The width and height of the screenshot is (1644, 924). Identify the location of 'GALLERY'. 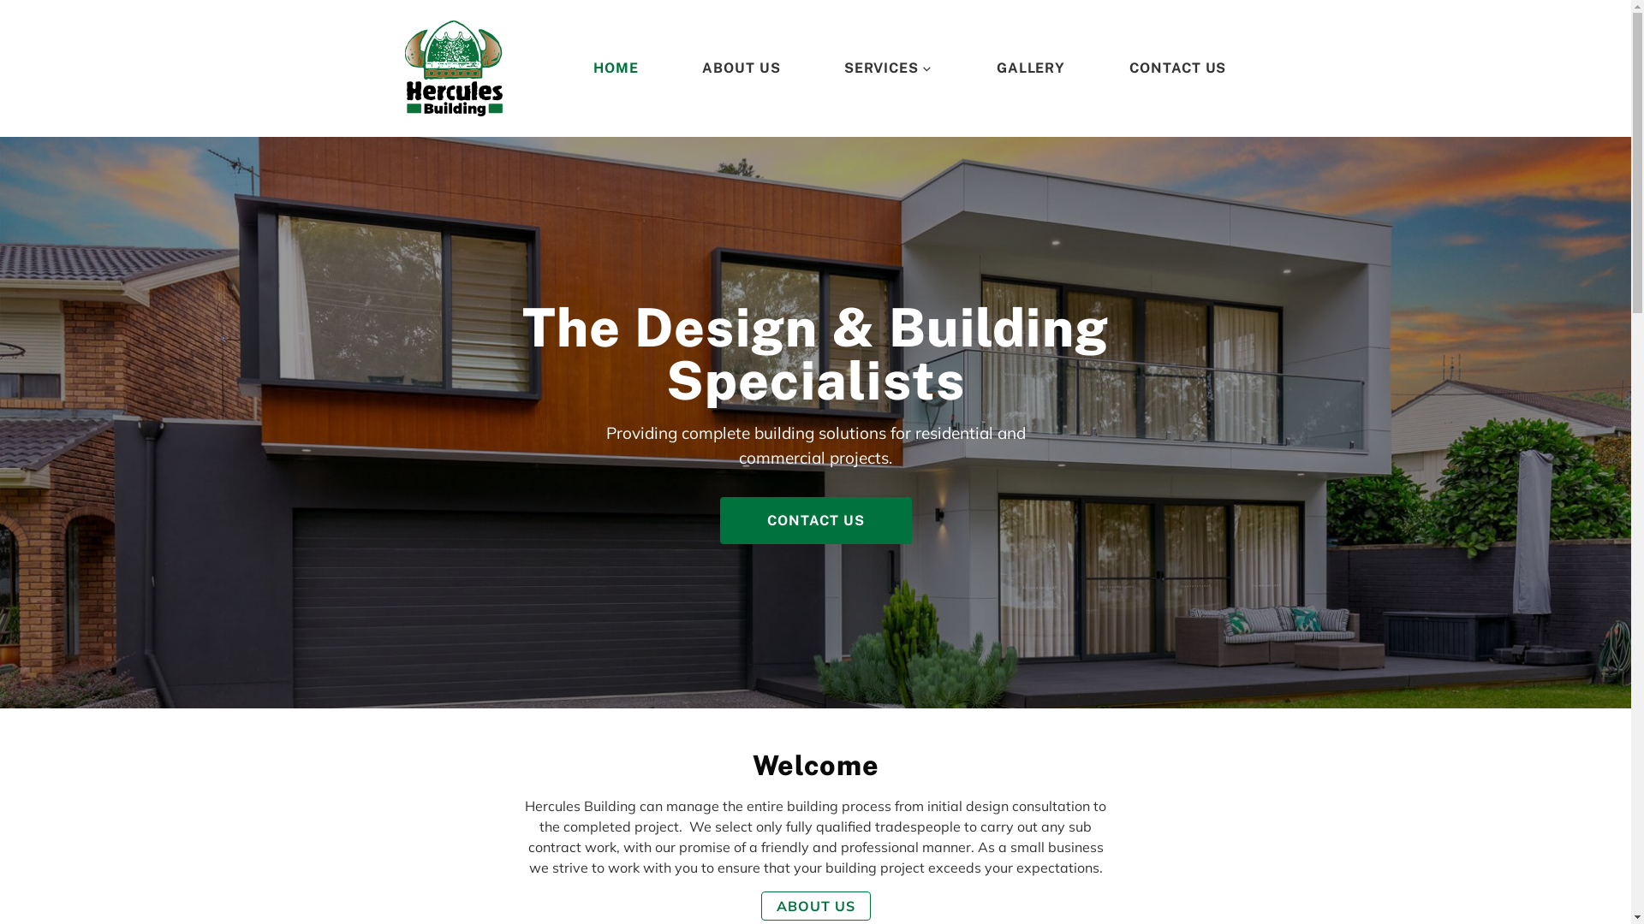
(1030, 68).